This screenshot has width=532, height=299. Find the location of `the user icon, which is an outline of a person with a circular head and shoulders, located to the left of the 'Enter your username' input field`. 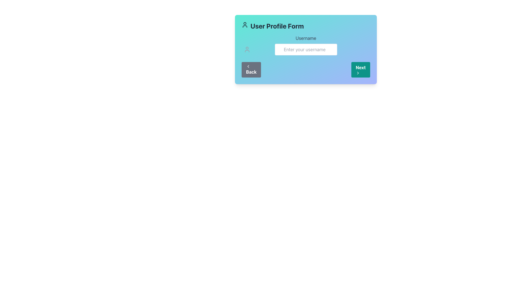

the user icon, which is an outline of a person with a circular head and shoulders, located to the left of the 'Enter your username' input field is located at coordinates (247, 49).